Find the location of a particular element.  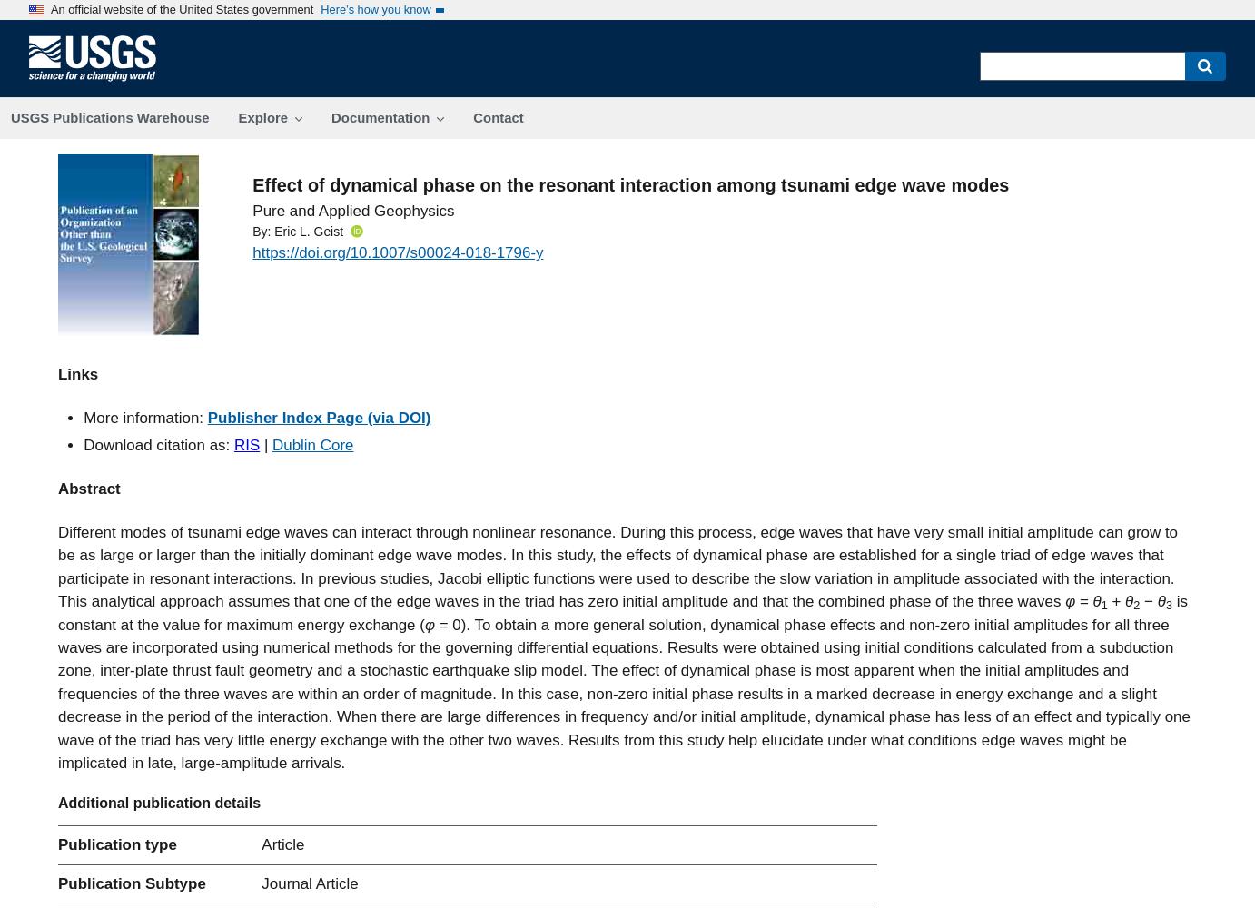

'Publisher Index Page (via DOI)' is located at coordinates (319, 417).